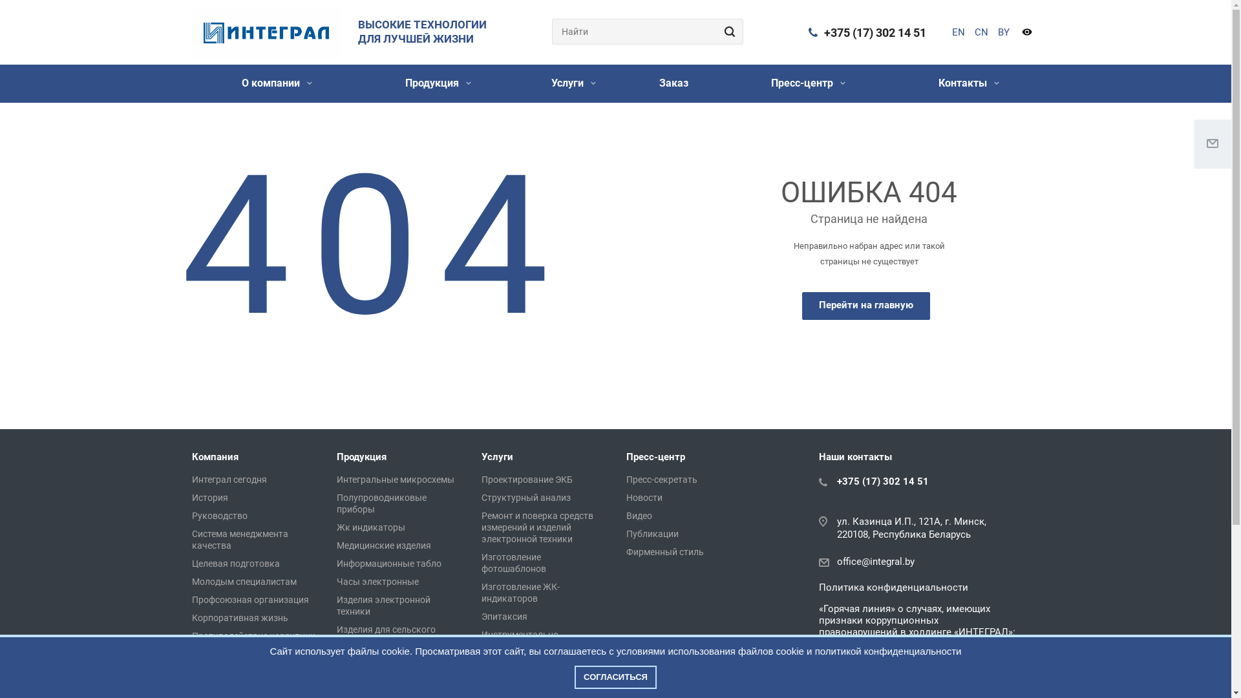 This screenshot has width=1241, height=698. Describe the element at coordinates (1003, 32) in the screenshot. I see `'BY'` at that location.